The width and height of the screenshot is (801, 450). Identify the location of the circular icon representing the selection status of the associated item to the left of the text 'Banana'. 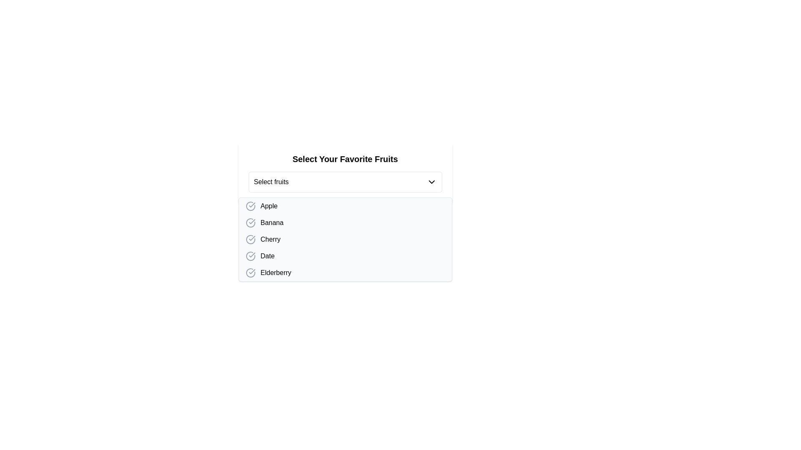
(250, 222).